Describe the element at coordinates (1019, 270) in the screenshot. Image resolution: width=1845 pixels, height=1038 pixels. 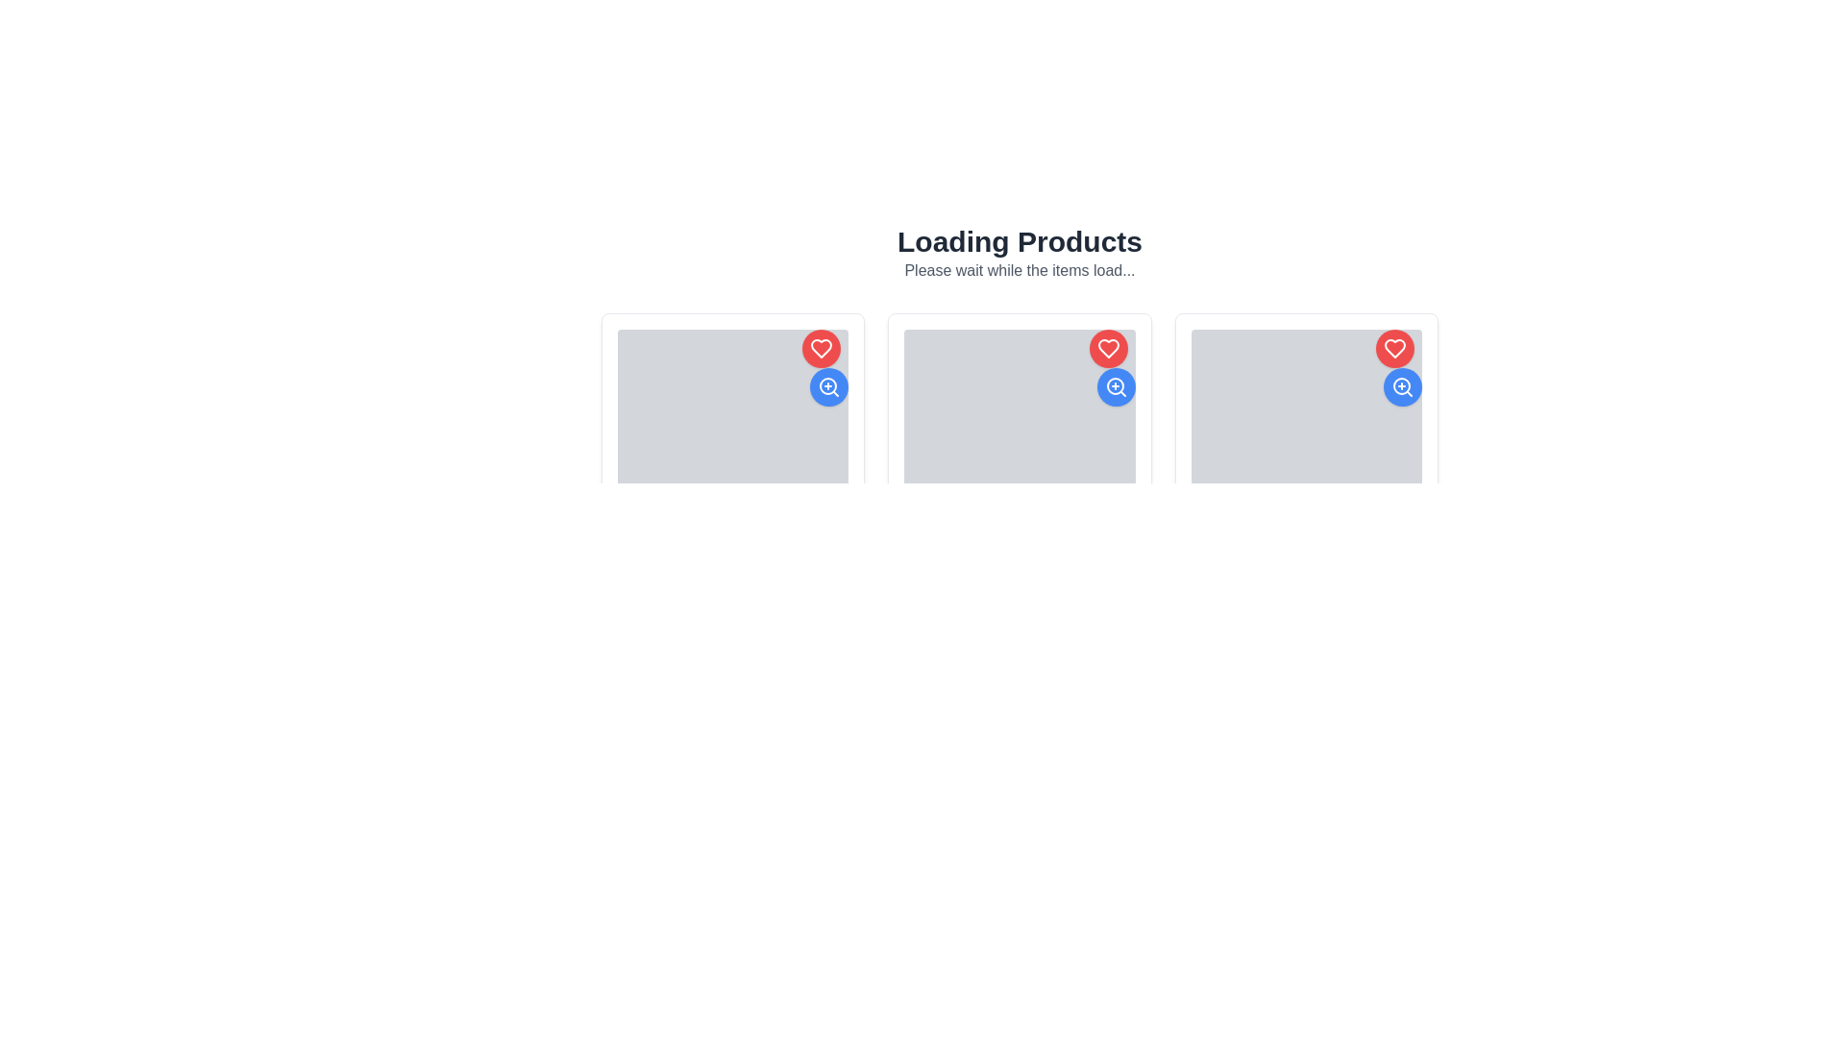
I see `the static text label that indicates the loading of items is in progress, located beneath the 'Loading Products' text and above image placeholders` at that location.